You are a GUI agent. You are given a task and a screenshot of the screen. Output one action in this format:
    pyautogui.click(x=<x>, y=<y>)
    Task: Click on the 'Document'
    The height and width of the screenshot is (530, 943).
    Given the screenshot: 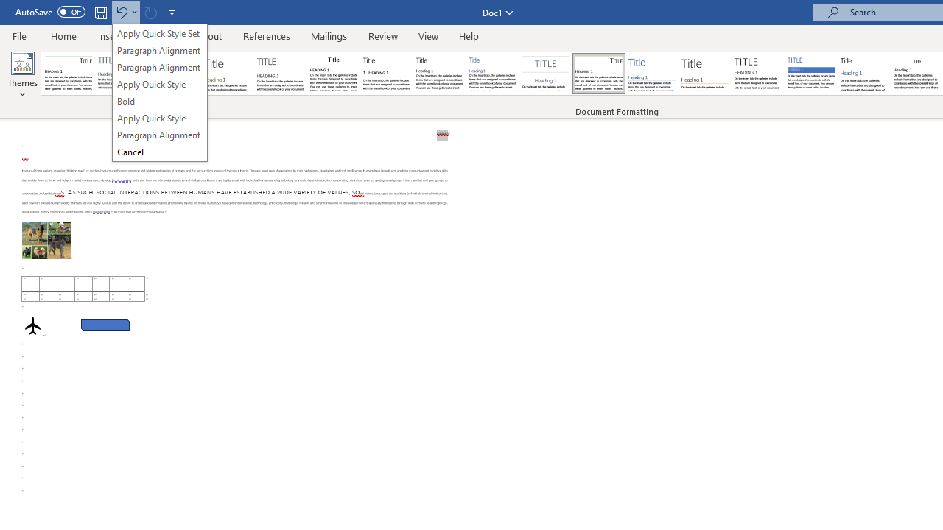 What is the action you would take?
    pyautogui.click(x=68, y=74)
    